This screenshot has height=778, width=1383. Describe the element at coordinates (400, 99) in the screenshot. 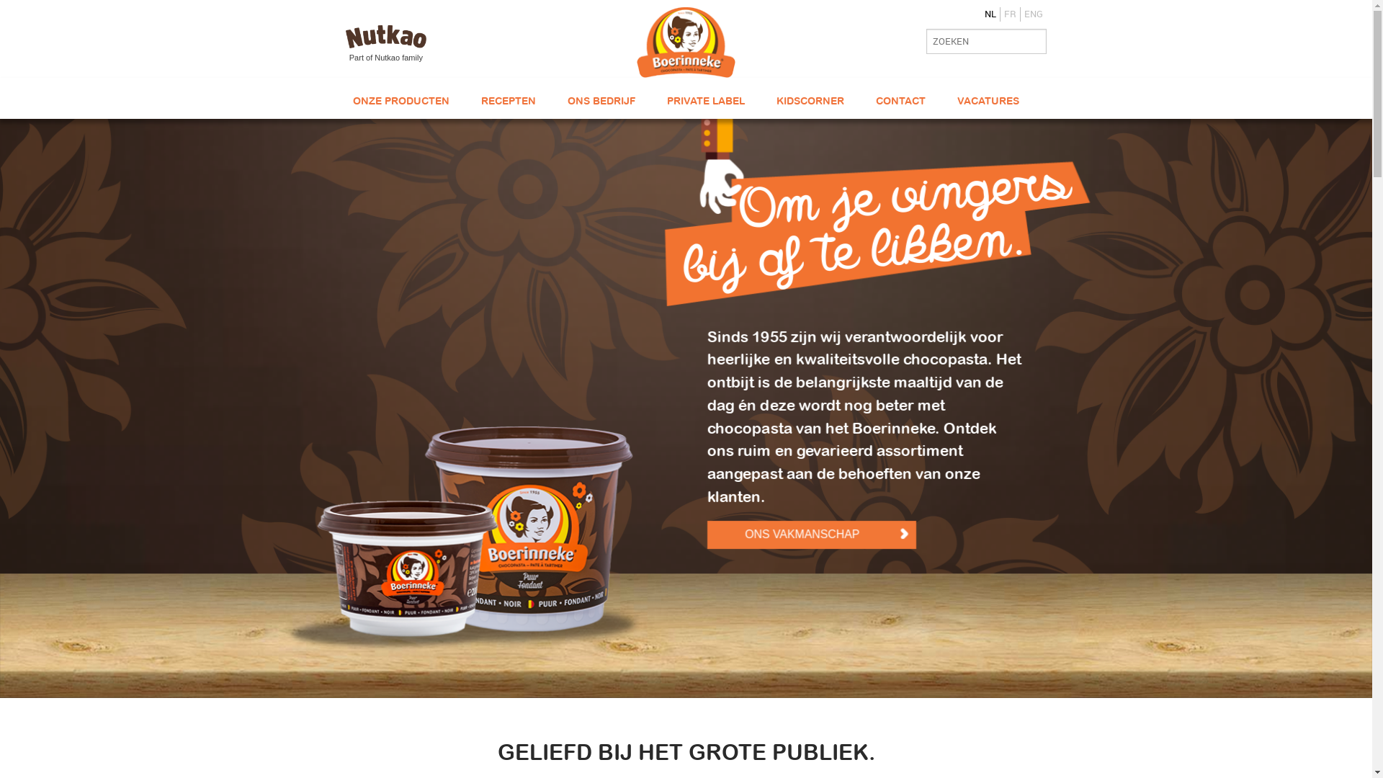

I see `'ONZE PRODUCTEN'` at that location.